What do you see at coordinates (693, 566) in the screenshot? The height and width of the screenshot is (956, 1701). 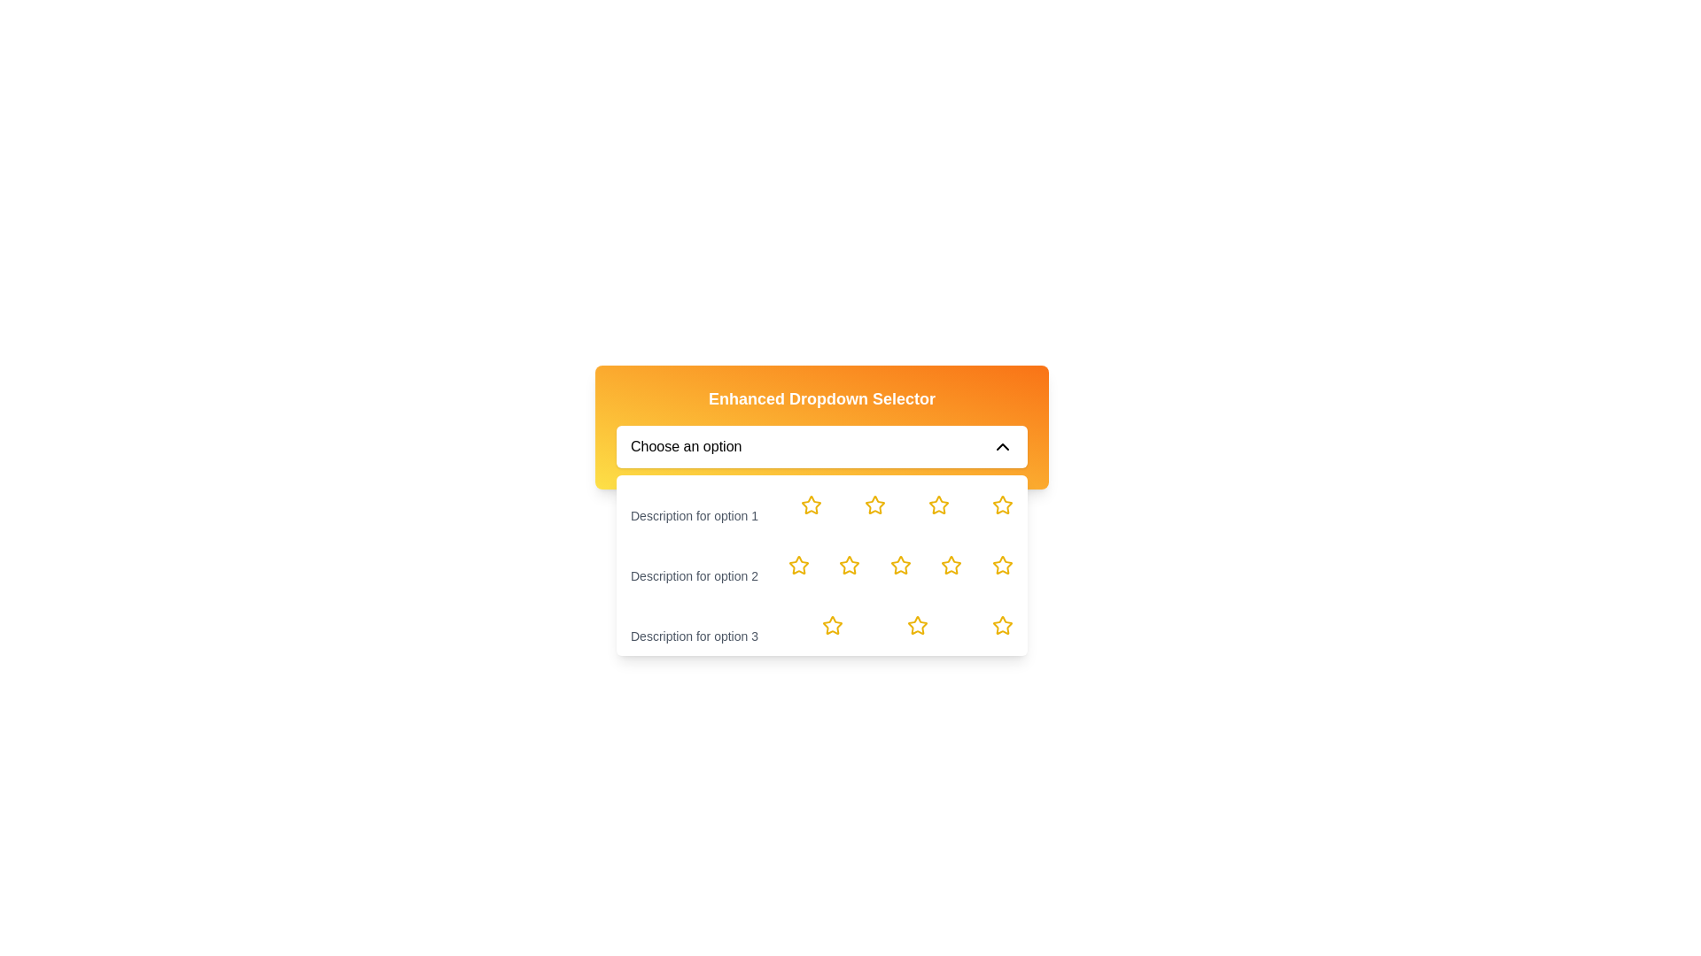 I see `text label providing additional context for 'Option 2' in the dropdown menu, which is centrally positioned under the second option` at bounding box center [693, 566].